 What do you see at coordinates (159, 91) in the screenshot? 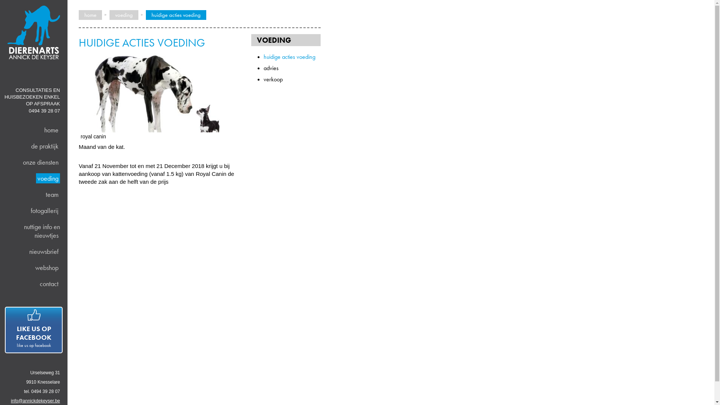
I see `'royal canin'` at bounding box center [159, 91].